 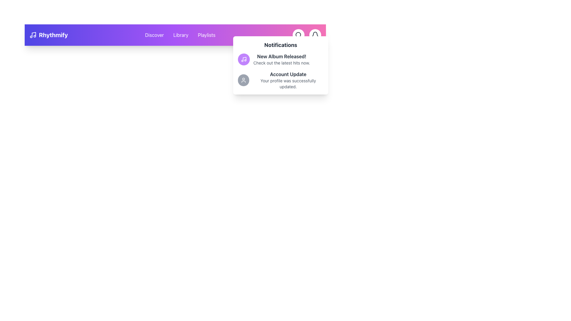 I want to click on the circular button at the top right area of the application that represents the search functionality to initiate a search, so click(x=298, y=35).